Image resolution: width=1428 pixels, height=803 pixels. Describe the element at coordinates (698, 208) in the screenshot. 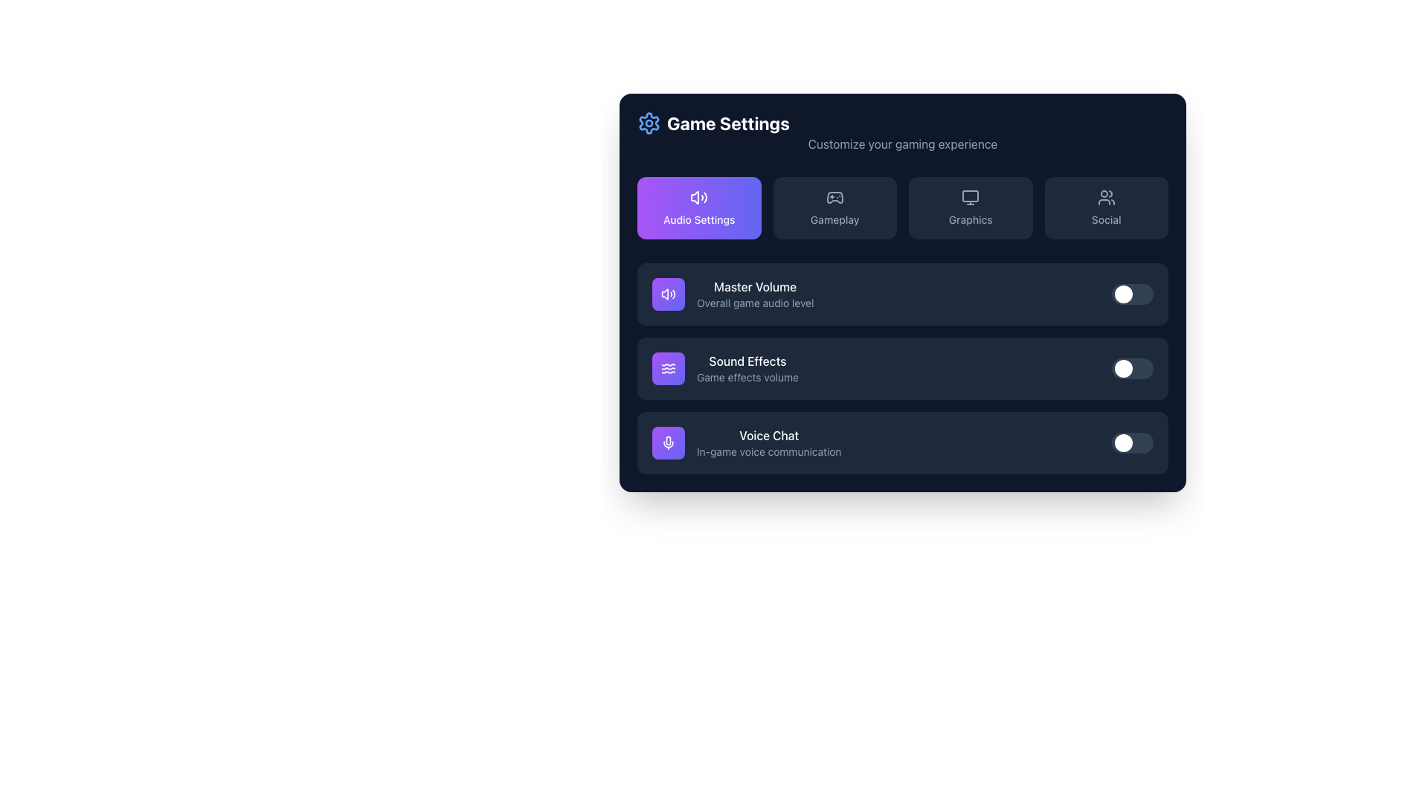

I see `the interactive button located in the top-left section of the interface` at that location.